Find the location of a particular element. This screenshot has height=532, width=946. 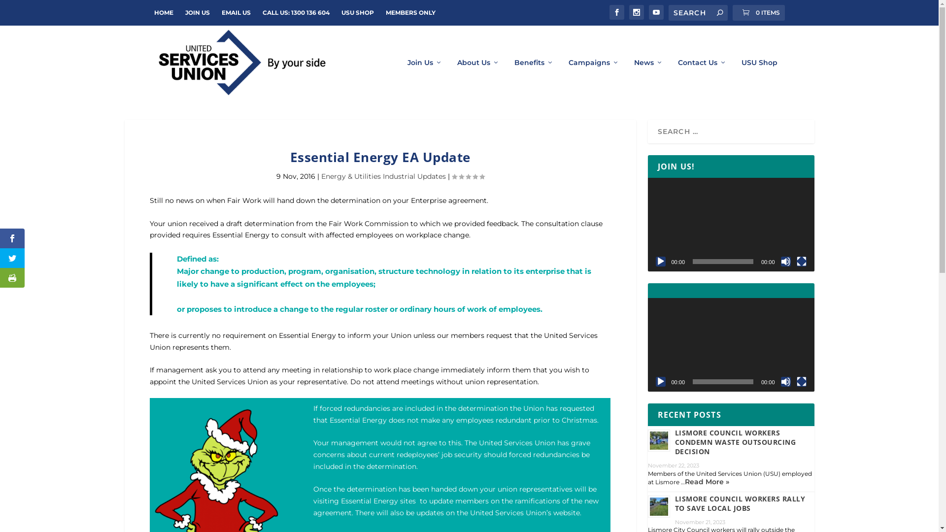

'Search' is located at coordinates (20, 9).